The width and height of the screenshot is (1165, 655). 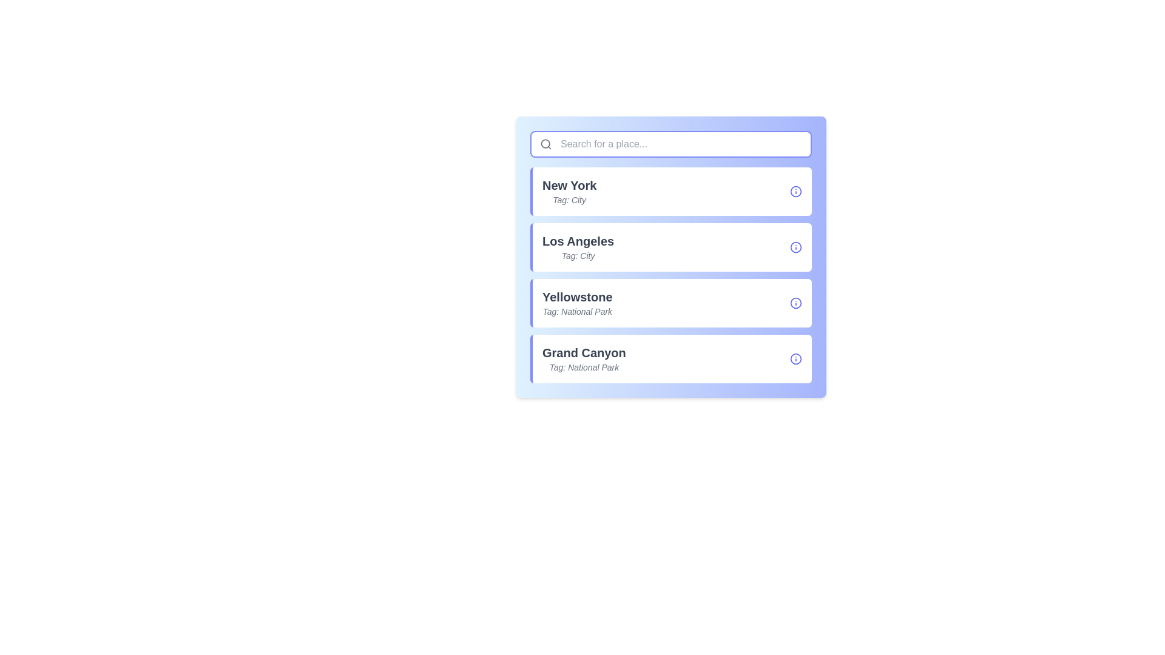 I want to click on the information indicator icon located at the right end of the list item labeled 'Yellowstone', which provides additional details about it, so click(x=795, y=303).